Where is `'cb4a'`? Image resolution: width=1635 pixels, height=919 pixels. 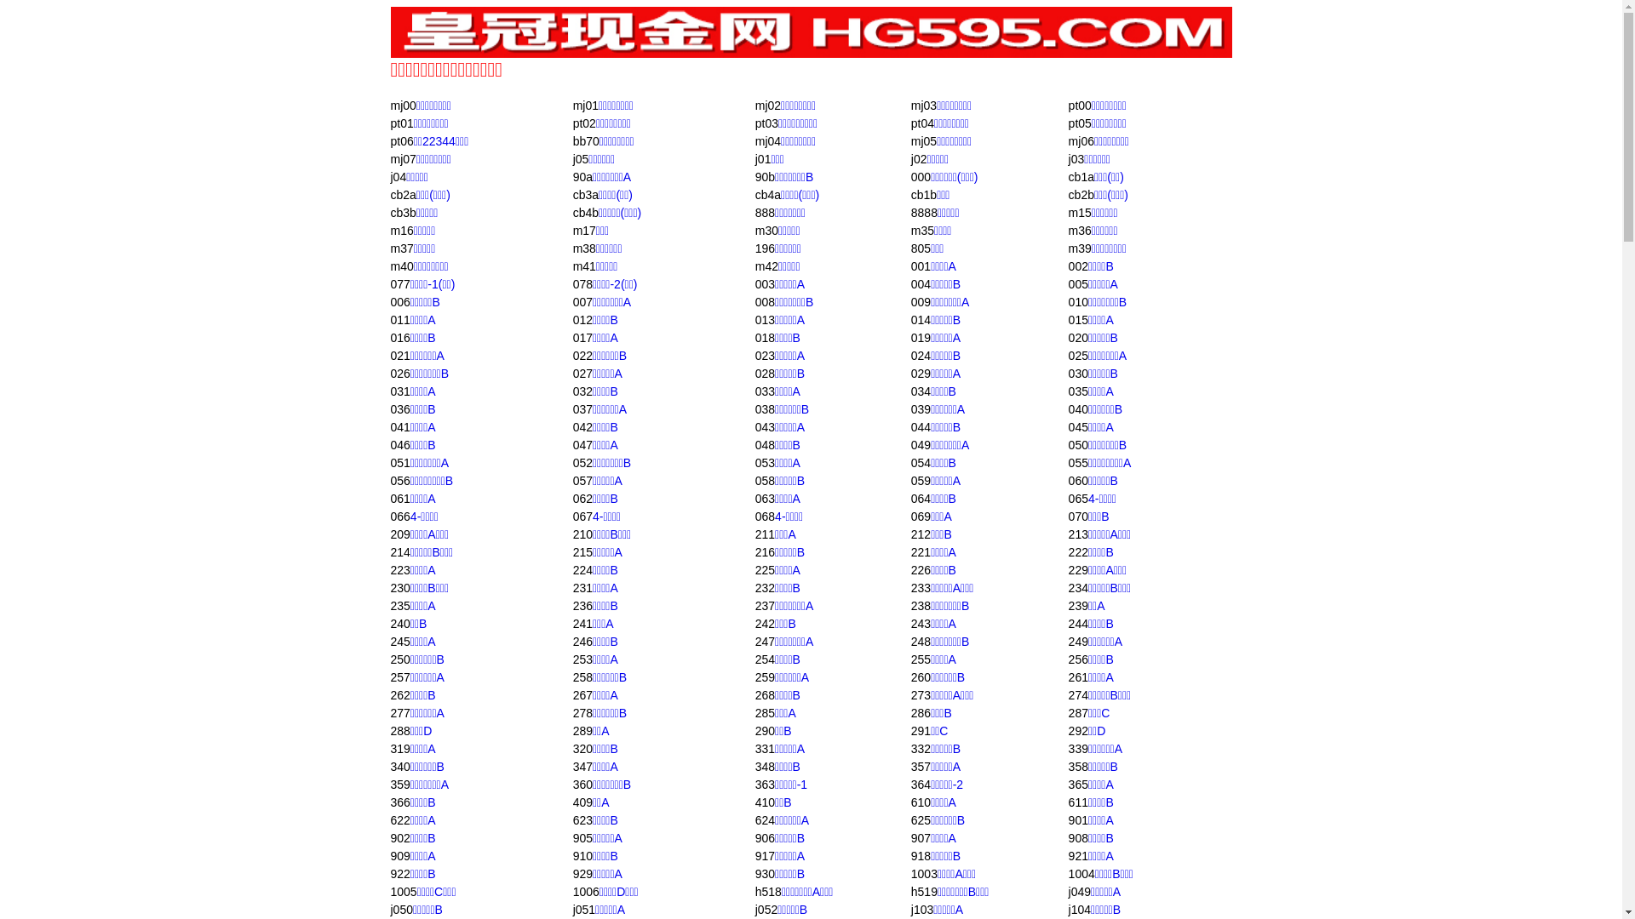
'cb4a' is located at coordinates (767, 193).